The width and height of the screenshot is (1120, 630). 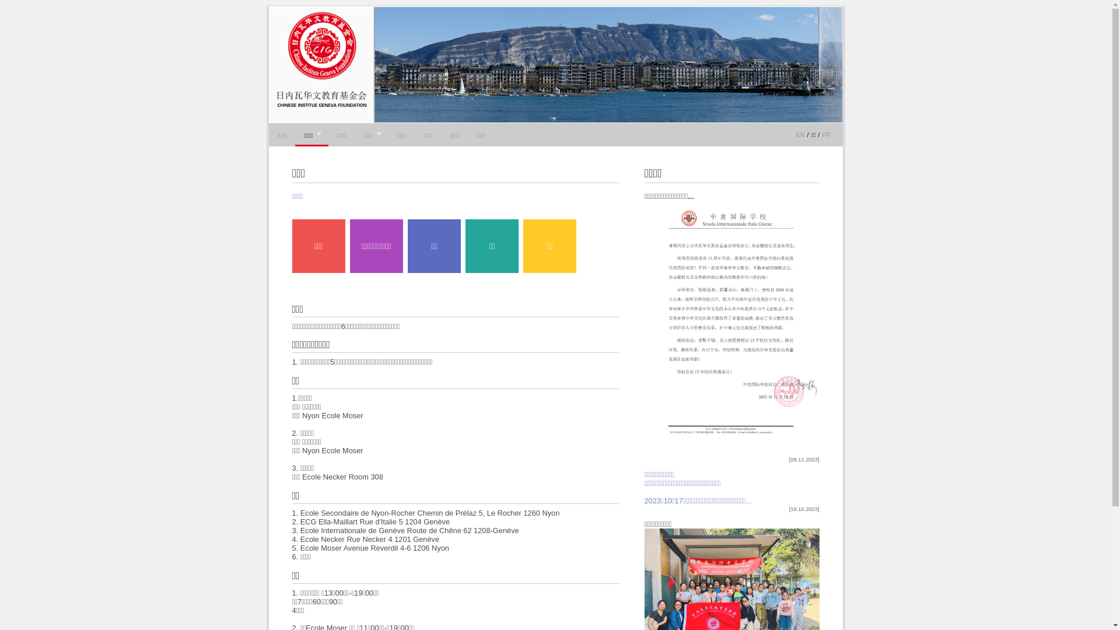 I want to click on 'FR', so click(x=825, y=134).